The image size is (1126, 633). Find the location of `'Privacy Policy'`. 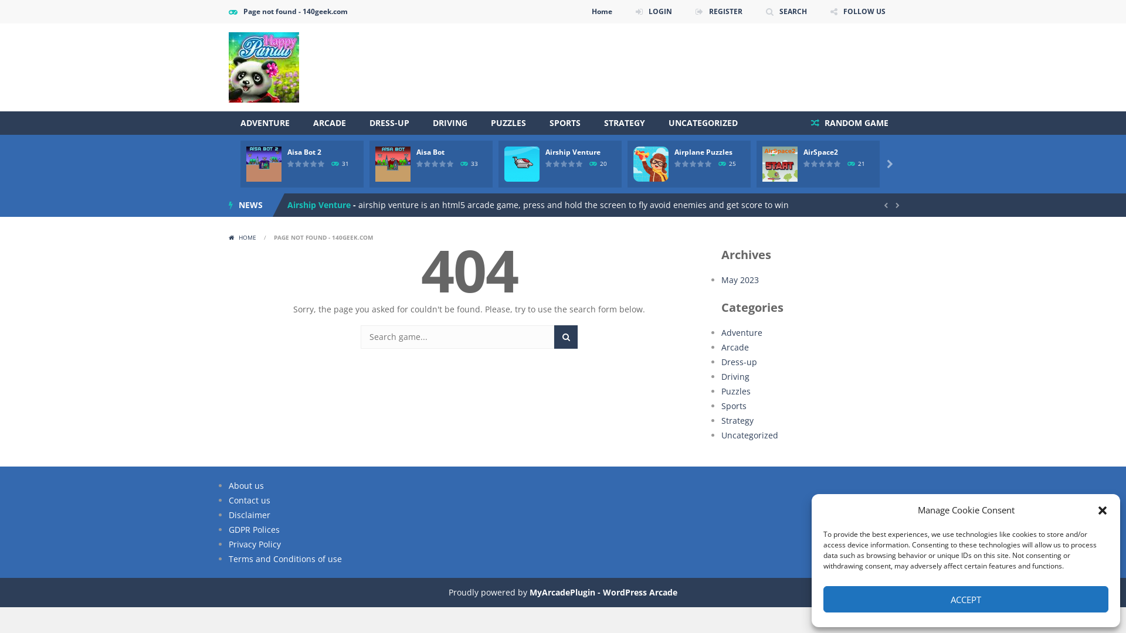

'Privacy Policy' is located at coordinates (254, 544).